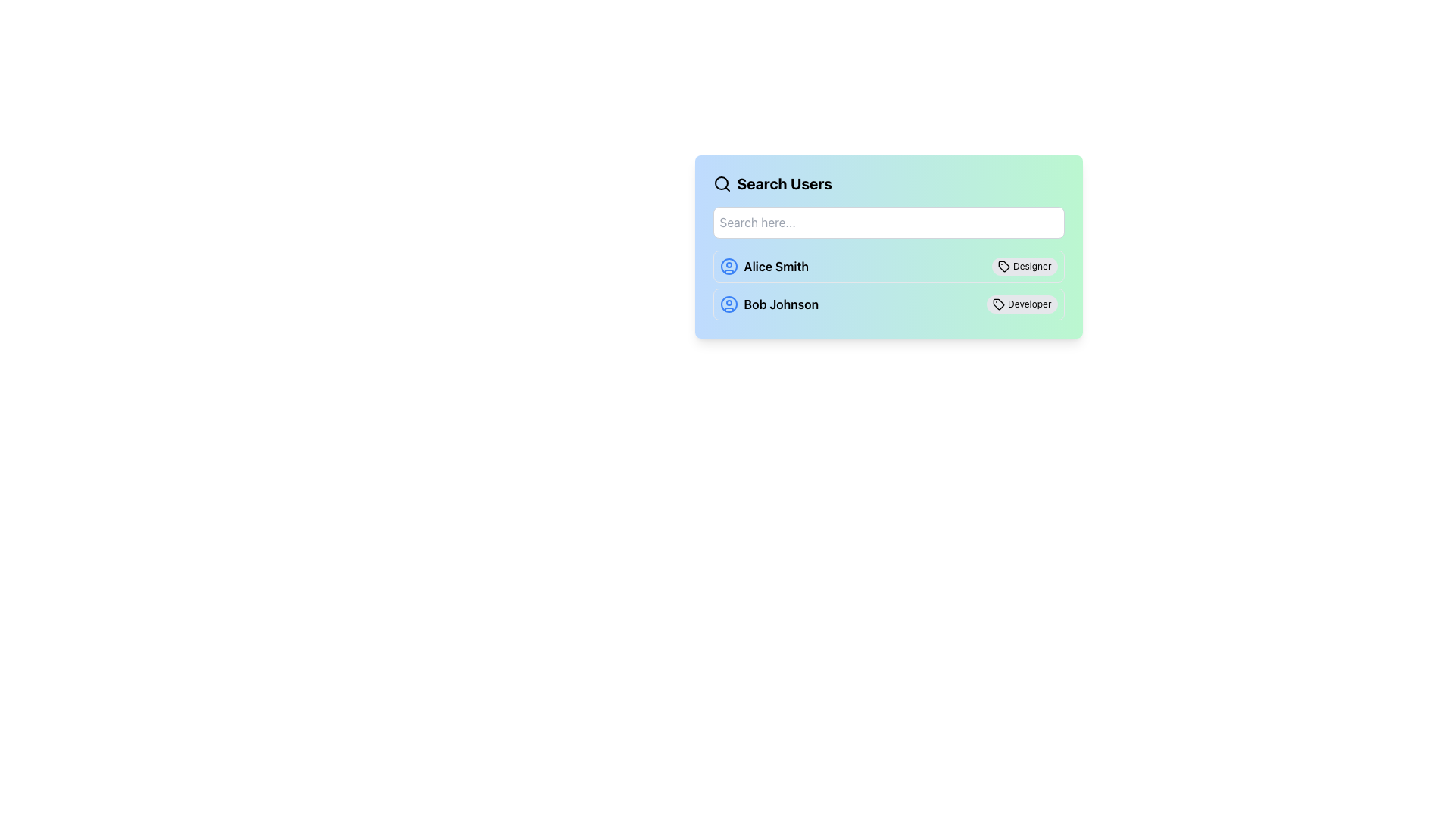  What do you see at coordinates (888, 304) in the screenshot?
I see `the List item representing user details that displays a user's profile summary, located below 'Alice Smith Designer' in a vertical list of user details` at bounding box center [888, 304].